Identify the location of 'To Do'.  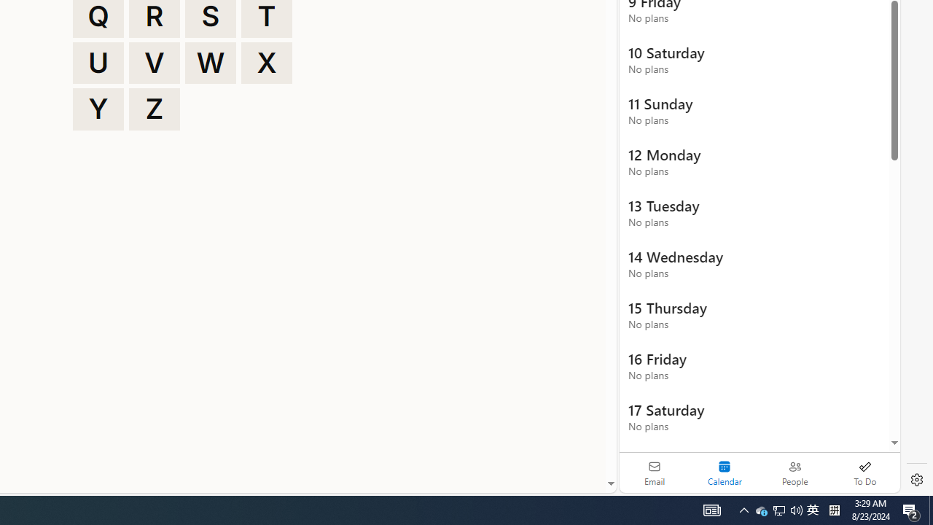
(864, 472).